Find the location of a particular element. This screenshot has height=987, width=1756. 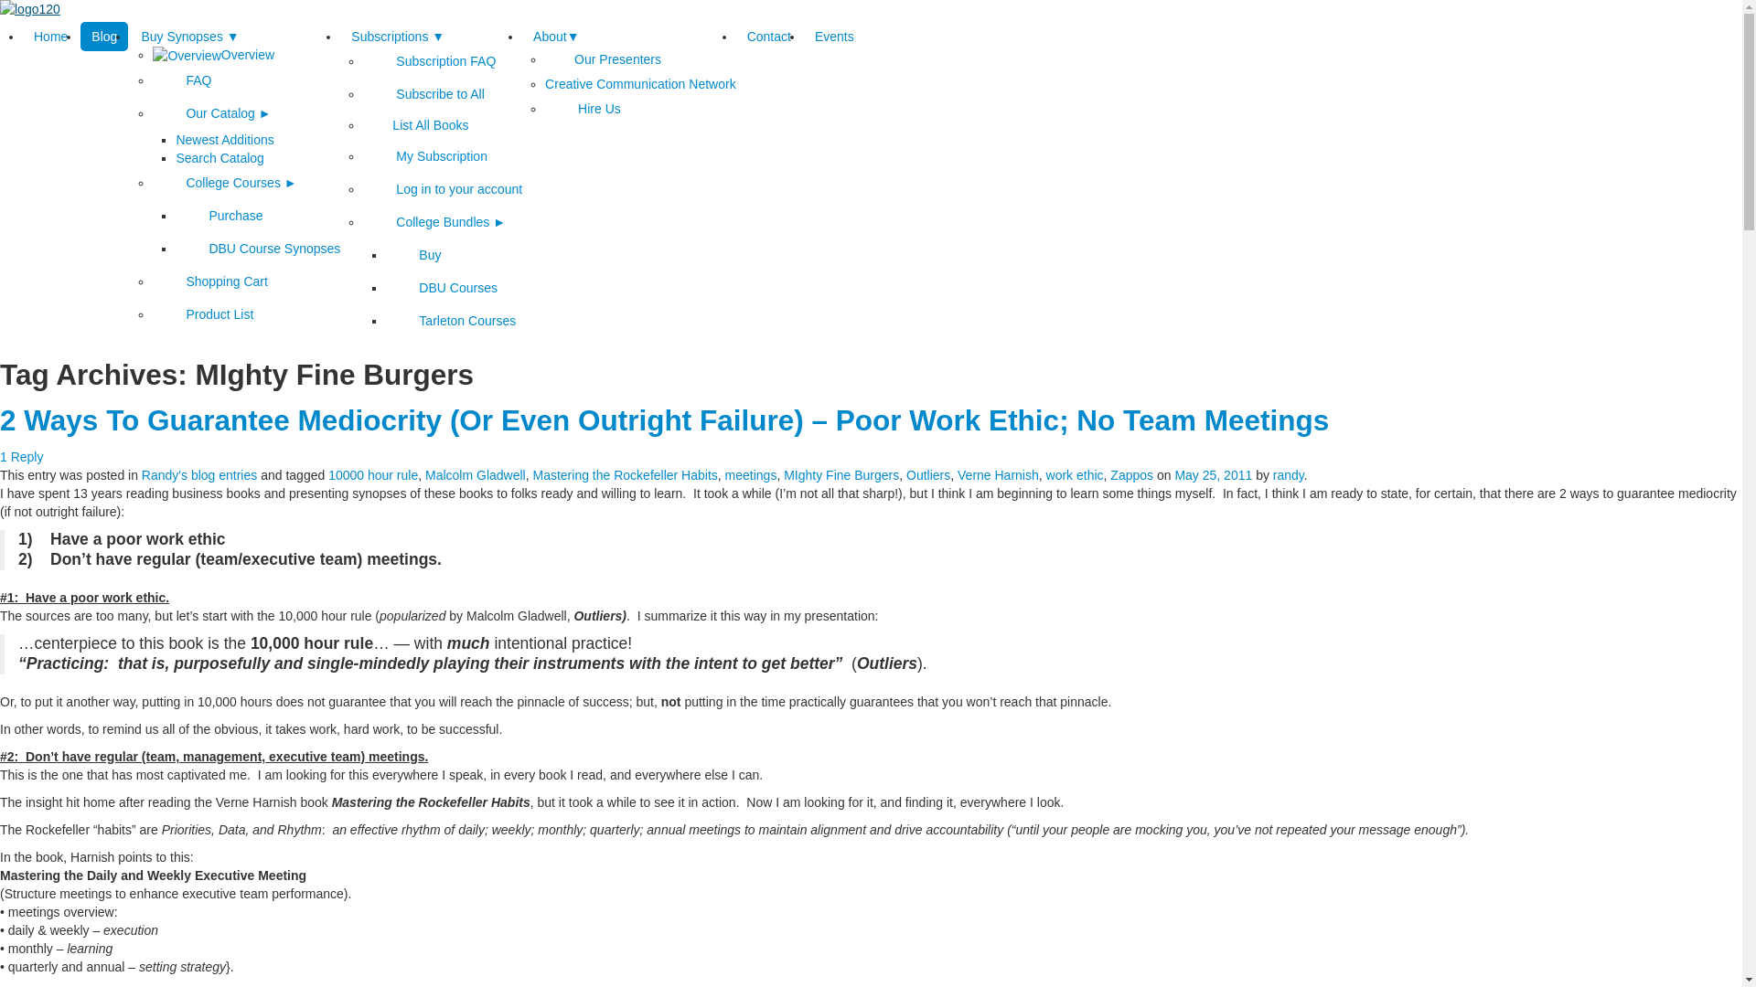

'Home' is located at coordinates (22, 36).